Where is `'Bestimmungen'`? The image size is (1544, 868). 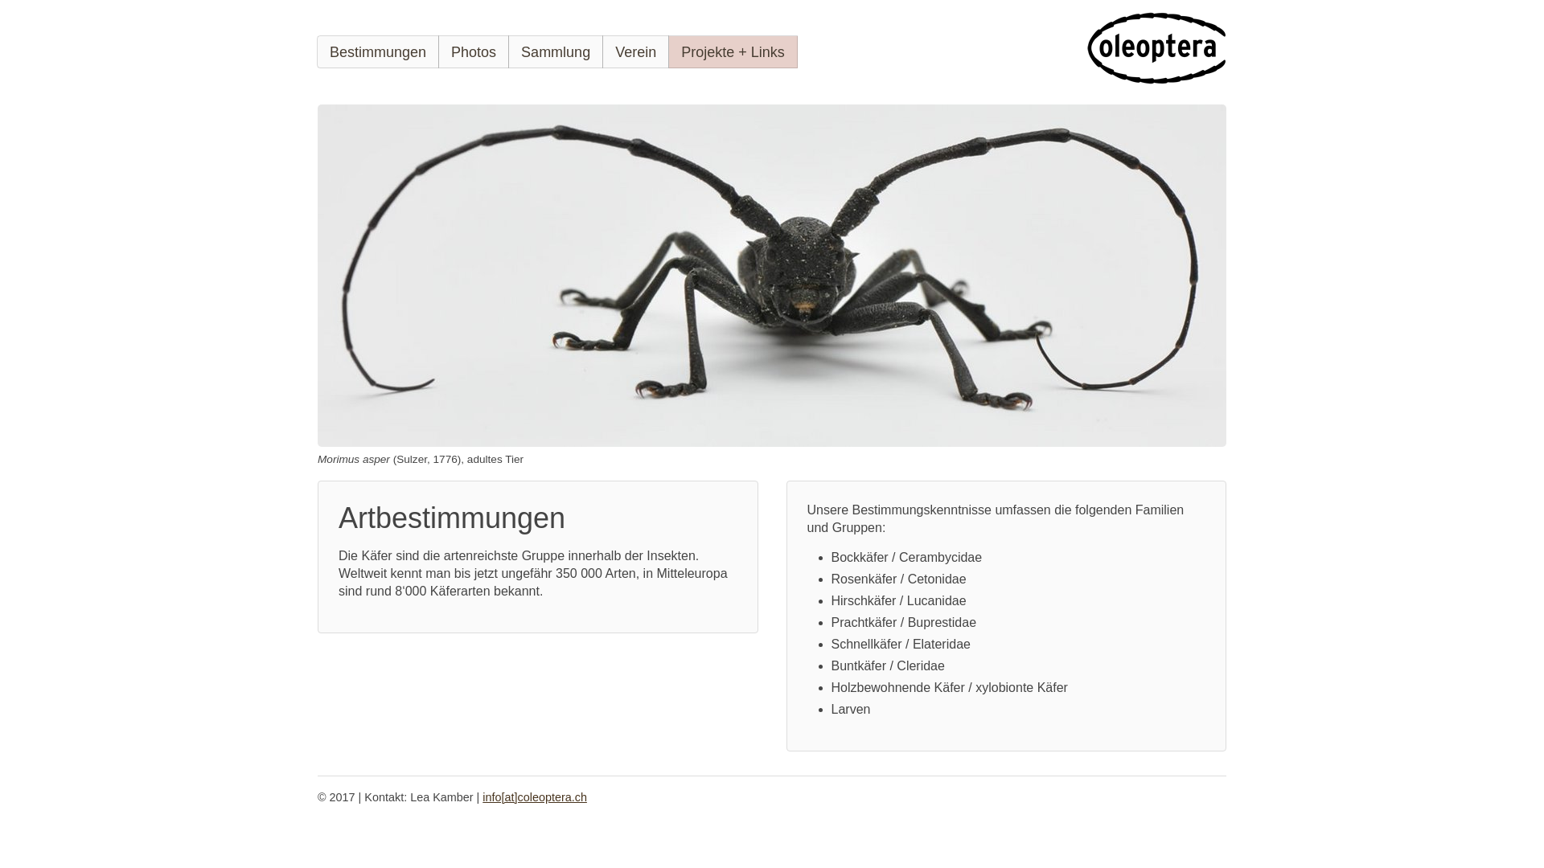
'Bestimmungen' is located at coordinates (377, 51).